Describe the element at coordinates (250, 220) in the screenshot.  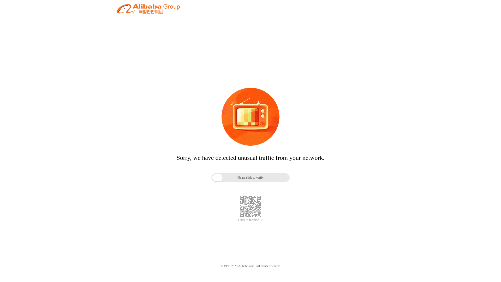
I see `'Click to feedback >'` at that location.